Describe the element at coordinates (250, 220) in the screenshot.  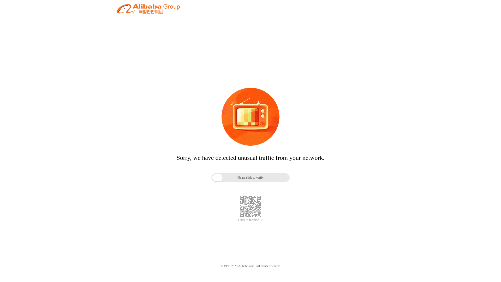
I see `'Click to feedback >'` at that location.